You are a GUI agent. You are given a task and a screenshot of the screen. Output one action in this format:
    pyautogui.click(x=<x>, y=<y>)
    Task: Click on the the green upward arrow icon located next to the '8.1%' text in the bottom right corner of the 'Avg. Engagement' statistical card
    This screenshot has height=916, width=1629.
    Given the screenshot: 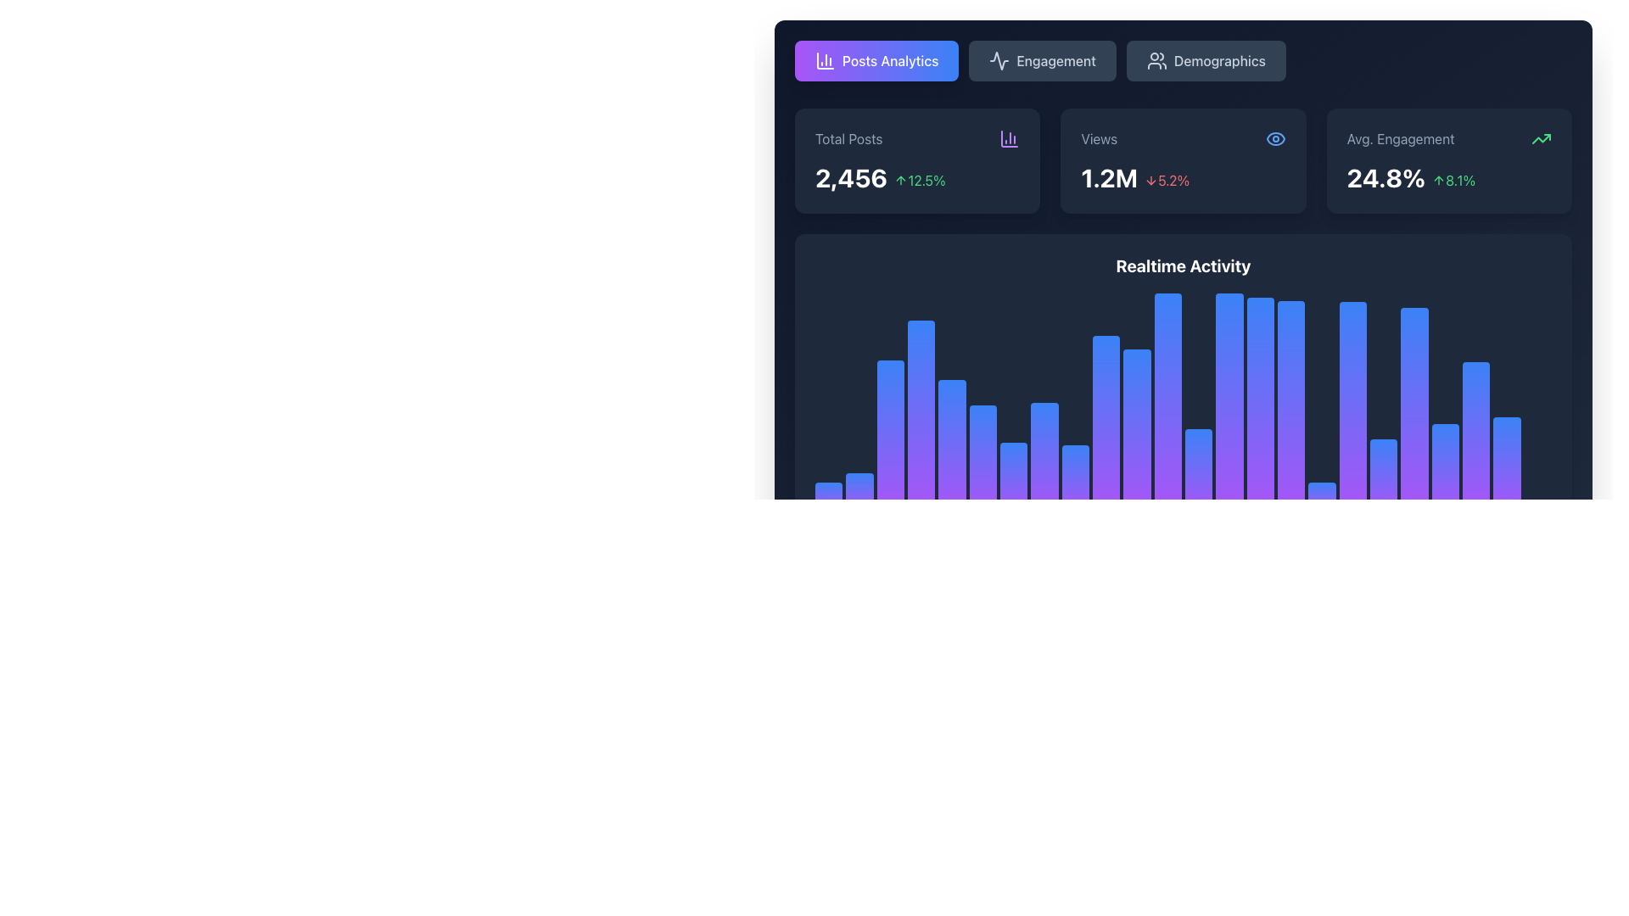 What is the action you would take?
    pyautogui.click(x=1438, y=180)
    